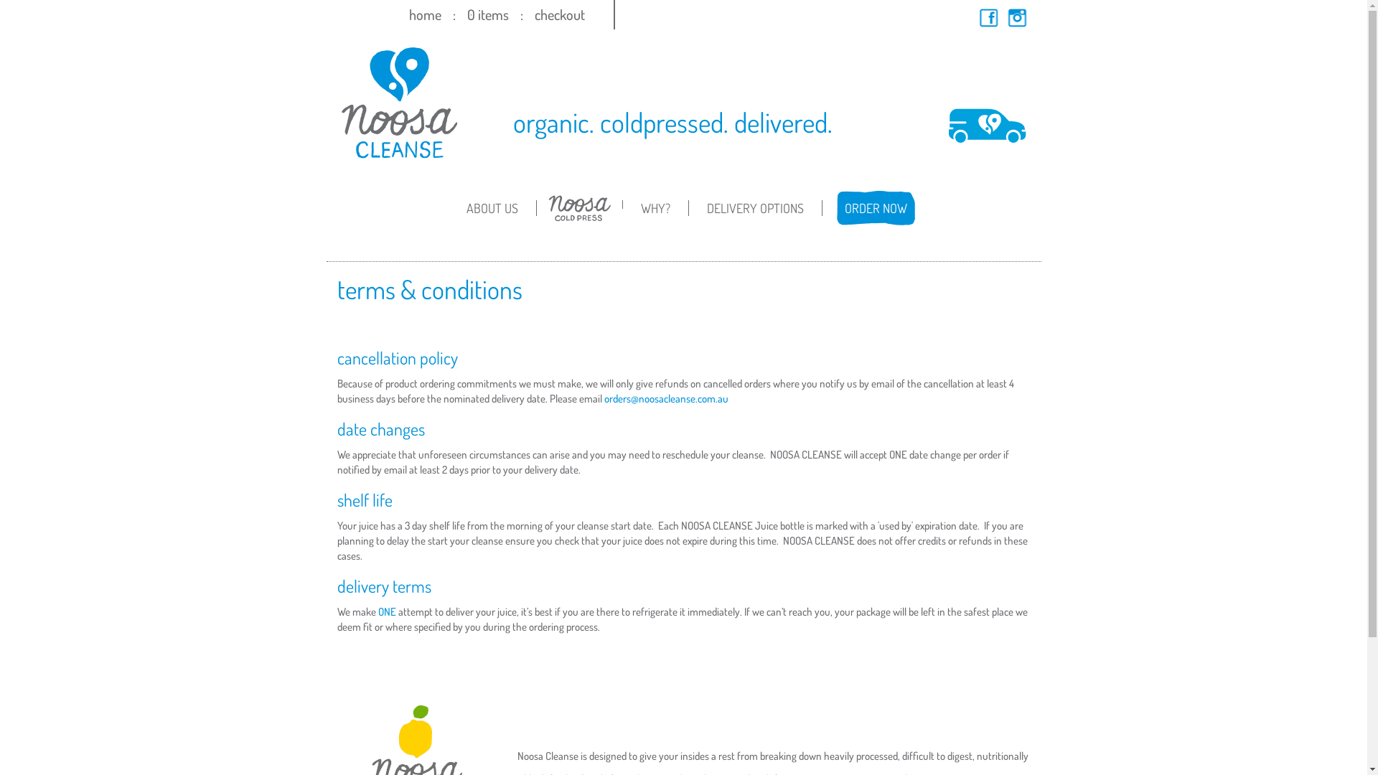 The height and width of the screenshot is (775, 1378). Describe the element at coordinates (665, 398) in the screenshot. I see `'orders@noosacleanse.com.au'` at that location.